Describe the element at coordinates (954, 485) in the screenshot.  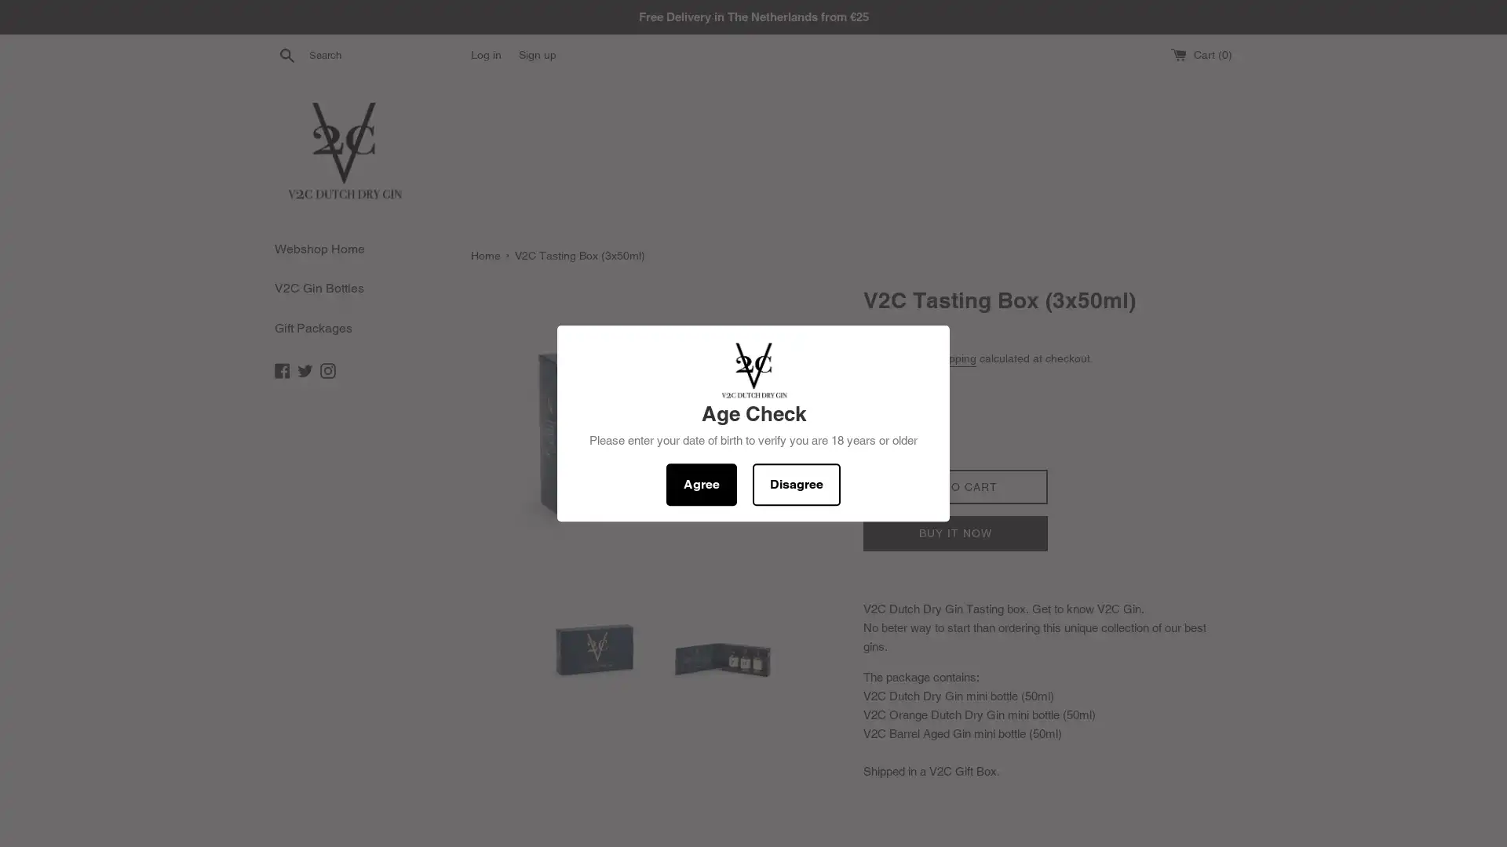
I see `ADD TO CART` at that location.